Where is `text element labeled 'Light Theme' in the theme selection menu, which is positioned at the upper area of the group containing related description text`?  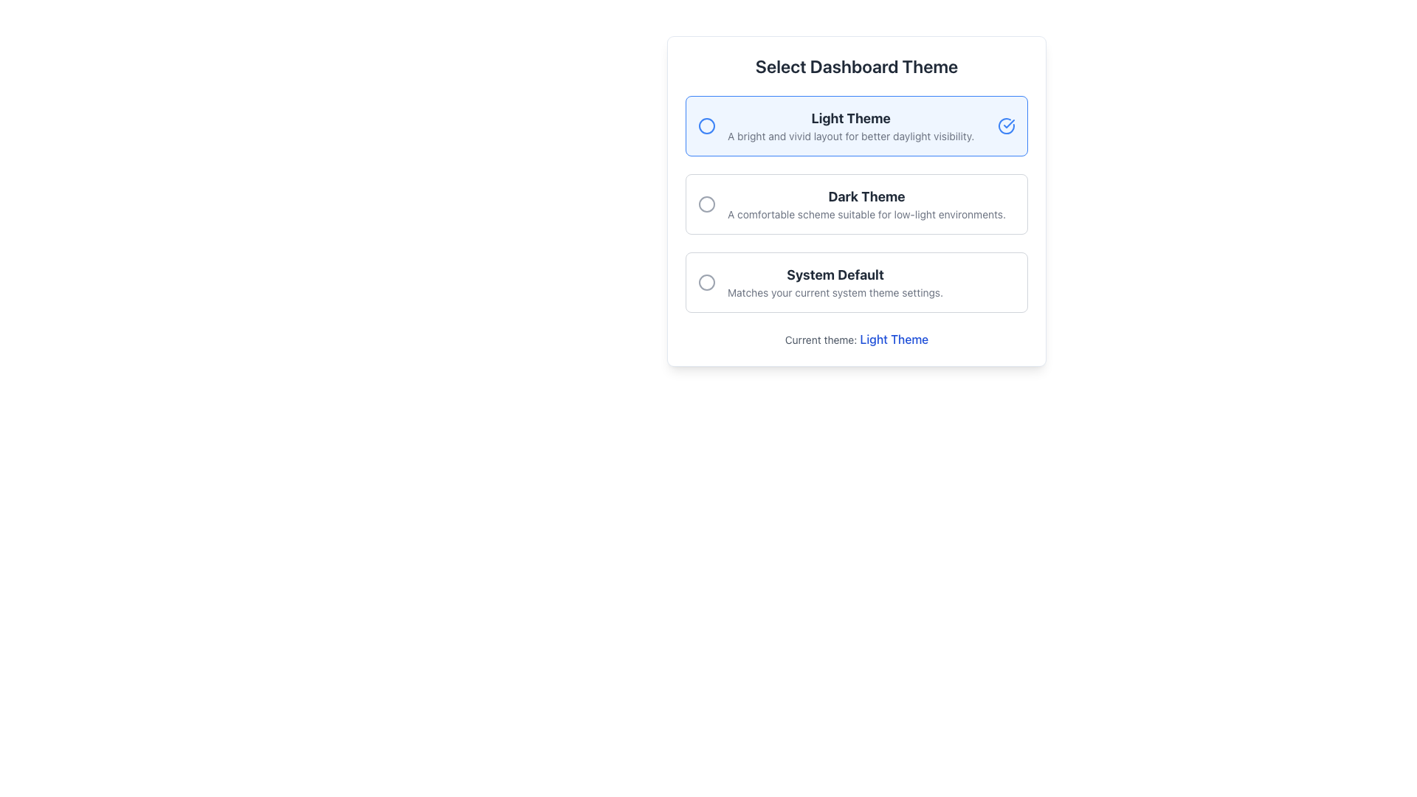 text element labeled 'Light Theme' in the theme selection menu, which is positioned at the upper area of the group containing related description text is located at coordinates (851, 118).